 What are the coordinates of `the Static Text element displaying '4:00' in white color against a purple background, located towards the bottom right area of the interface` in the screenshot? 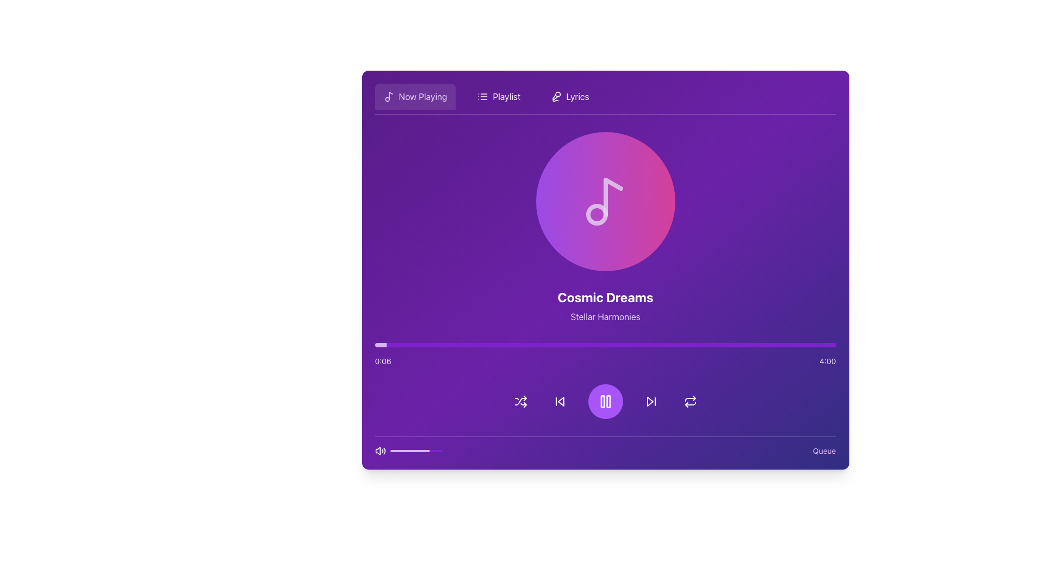 It's located at (827, 361).